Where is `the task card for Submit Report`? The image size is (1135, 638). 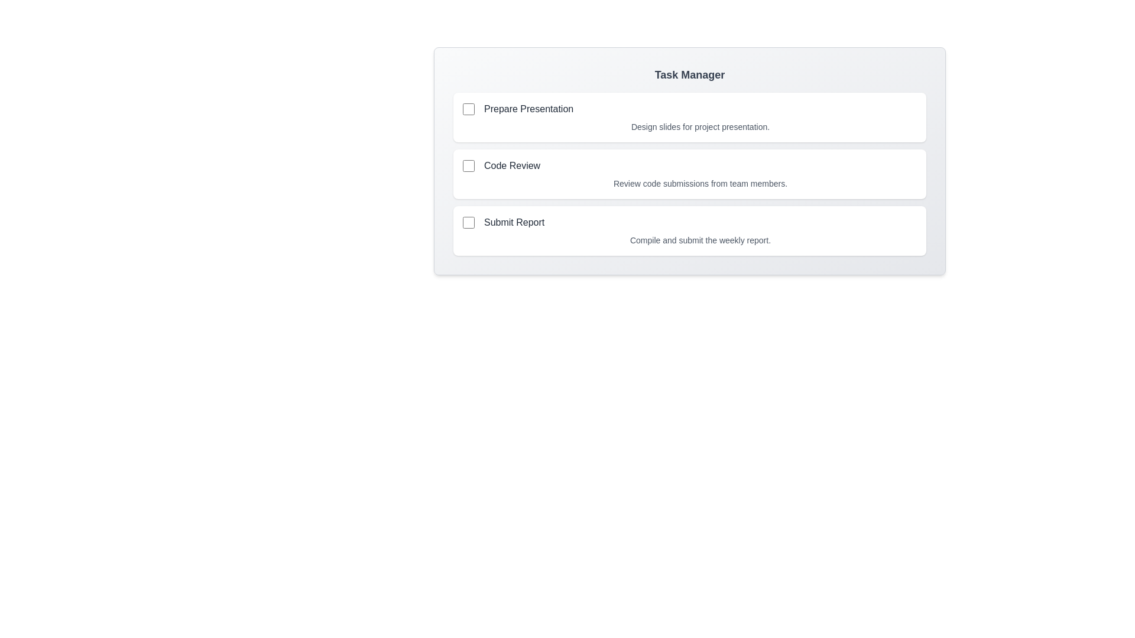
the task card for Submit Report is located at coordinates (689, 230).